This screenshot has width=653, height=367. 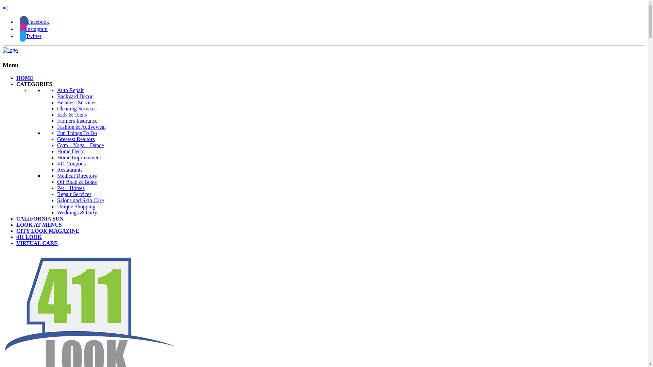 What do you see at coordinates (16, 219) in the screenshot?
I see `'CALIFORNIA SUN'` at bounding box center [16, 219].